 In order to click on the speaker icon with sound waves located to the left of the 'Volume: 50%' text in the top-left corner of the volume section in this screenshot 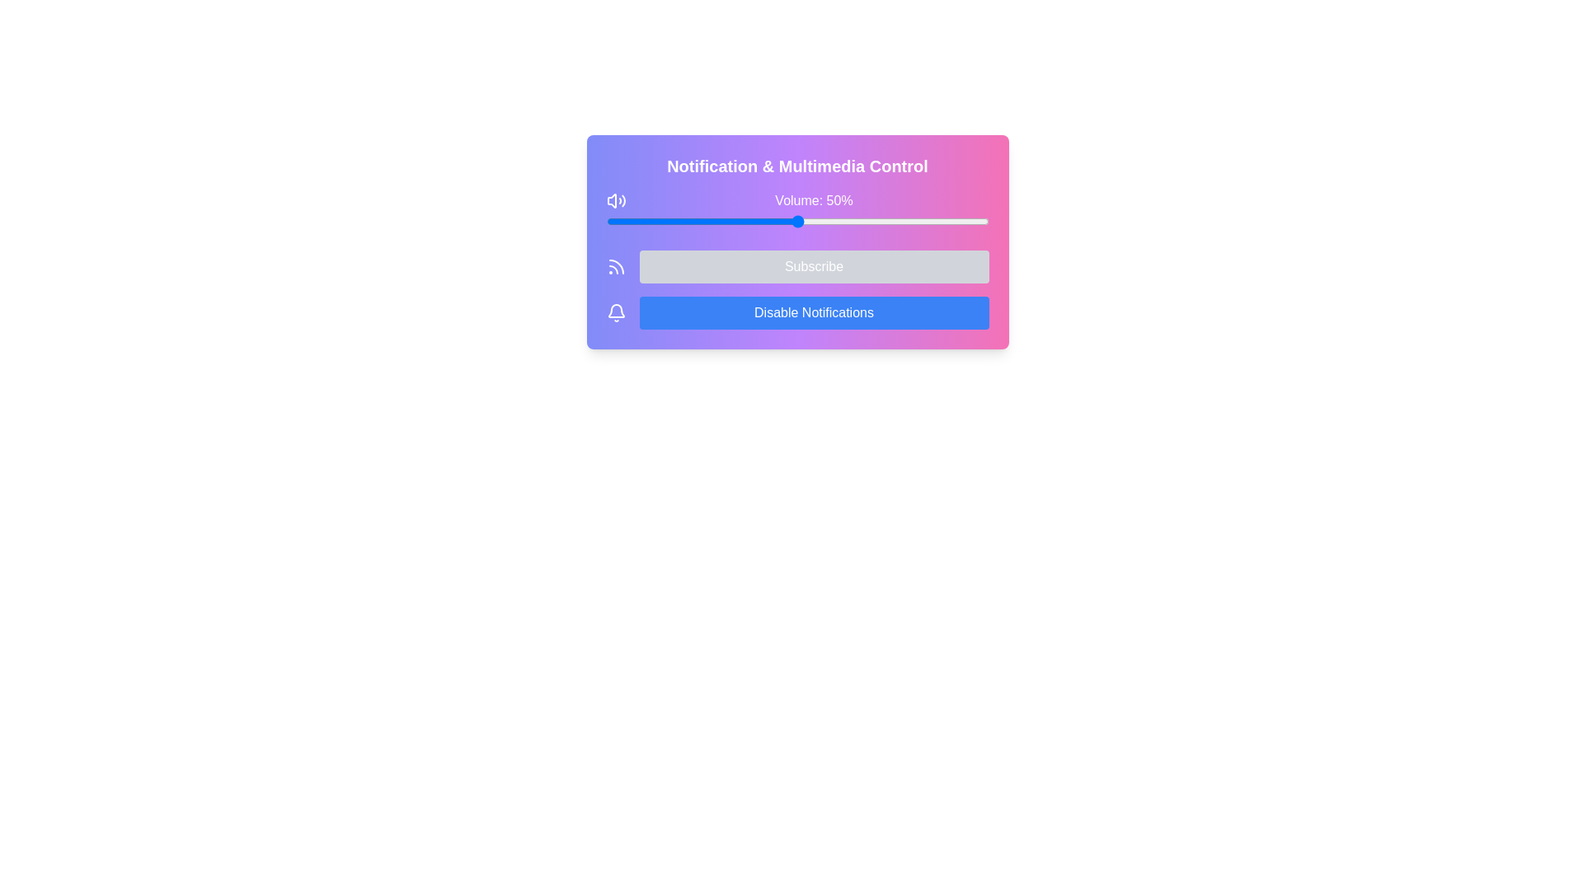, I will do `click(615, 199)`.